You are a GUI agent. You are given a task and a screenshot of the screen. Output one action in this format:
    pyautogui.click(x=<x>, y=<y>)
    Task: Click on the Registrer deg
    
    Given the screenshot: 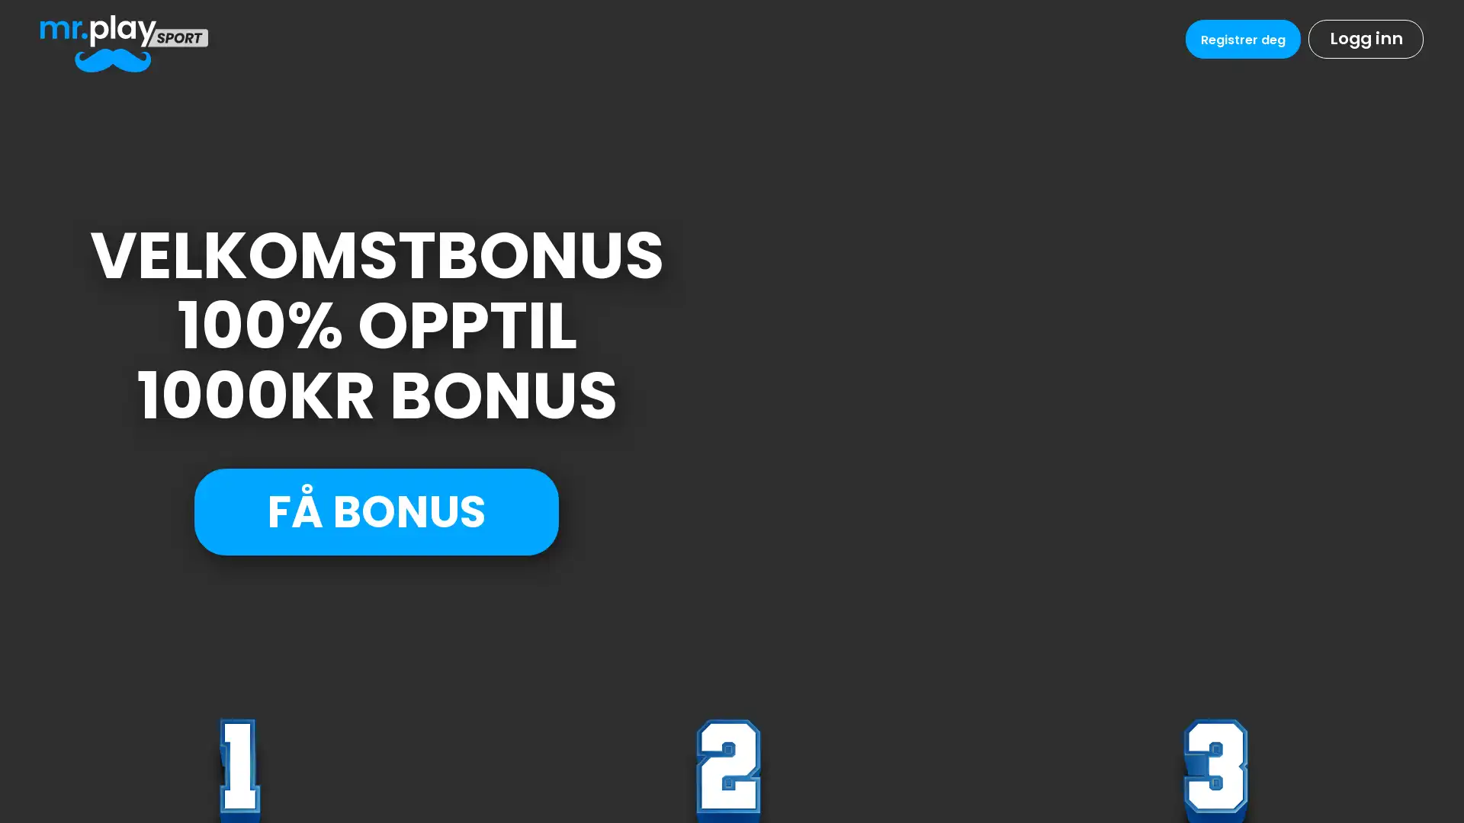 What is the action you would take?
    pyautogui.click(x=1243, y=37)
    